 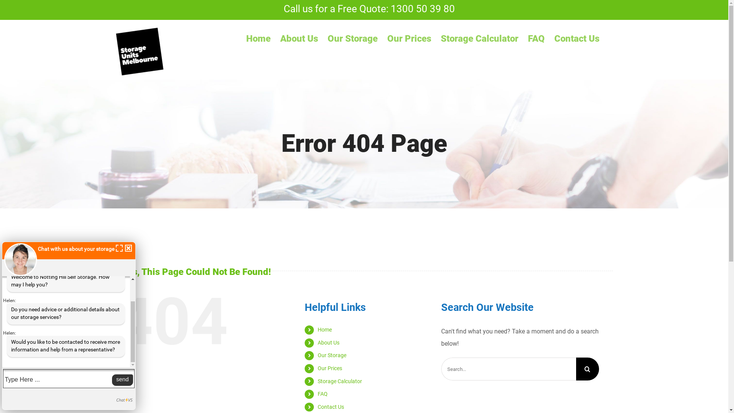 What do you see at coordinates (330, 368) in the screenshot?
I see `'Our Prices'` at bounding box center [330, 368].